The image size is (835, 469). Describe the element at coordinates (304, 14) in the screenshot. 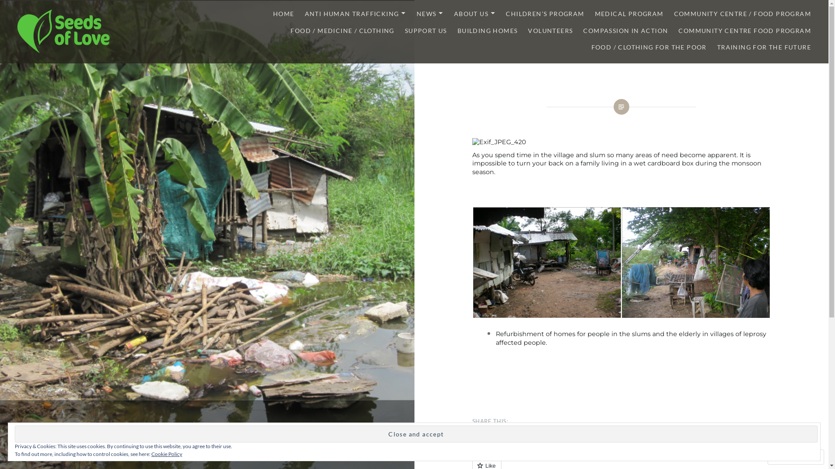

I see `'ANTI HUMAN TRAFFICKING'` at that location.